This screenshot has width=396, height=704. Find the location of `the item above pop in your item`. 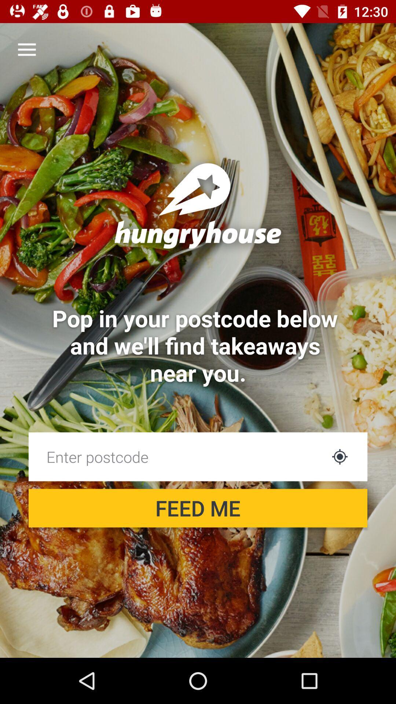

the item above pop in your item is located at coordinates (26, 49).